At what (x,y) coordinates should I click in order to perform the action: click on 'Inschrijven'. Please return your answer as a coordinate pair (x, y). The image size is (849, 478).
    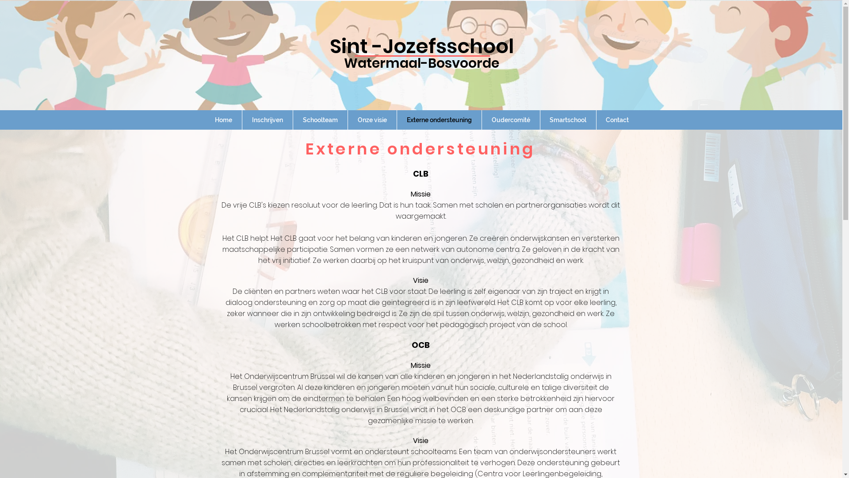
    Looking at the image, I should click on (267, 119).